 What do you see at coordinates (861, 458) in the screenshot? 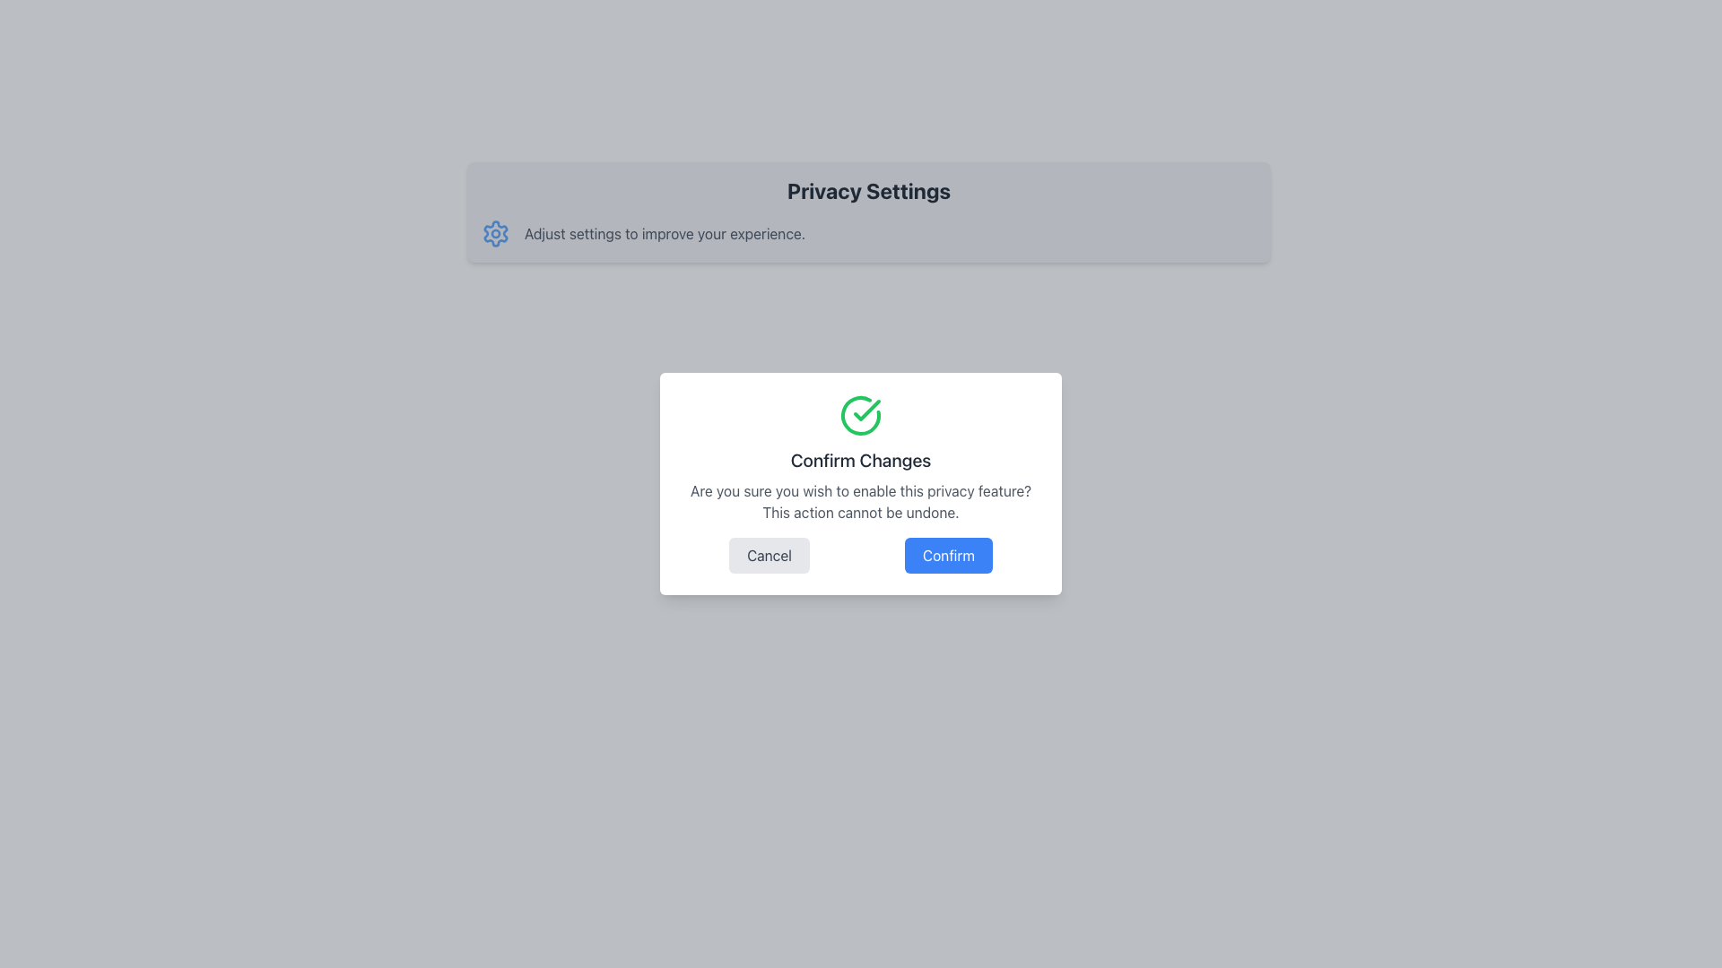
I see `the Informative Display section containing the title 'Confirm Changes' and the descriptive message about enabling a privacy feature, which is located near the top-center of the modal dialog` at bounding box center [861, 458].